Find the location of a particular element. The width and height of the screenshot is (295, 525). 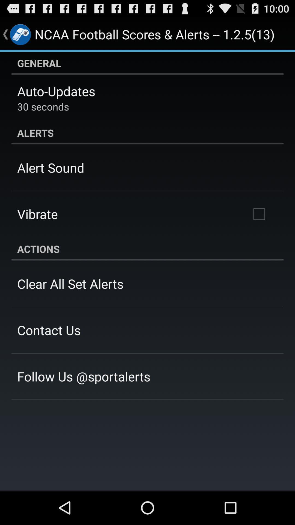

the app next to vibrate is located at coordinates (259, 214).